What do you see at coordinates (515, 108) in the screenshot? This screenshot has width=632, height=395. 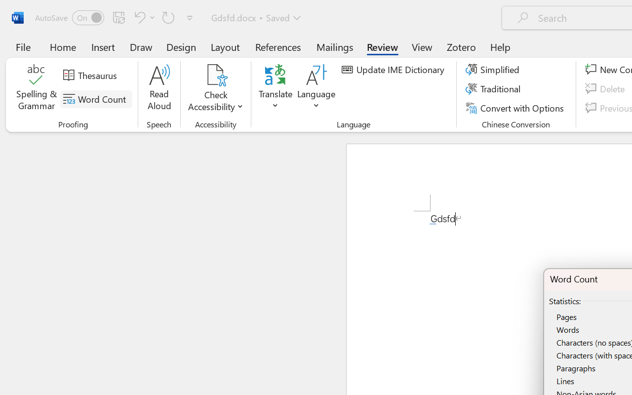 I see `'Convert with Options...'` at bounding box center [515, 108].